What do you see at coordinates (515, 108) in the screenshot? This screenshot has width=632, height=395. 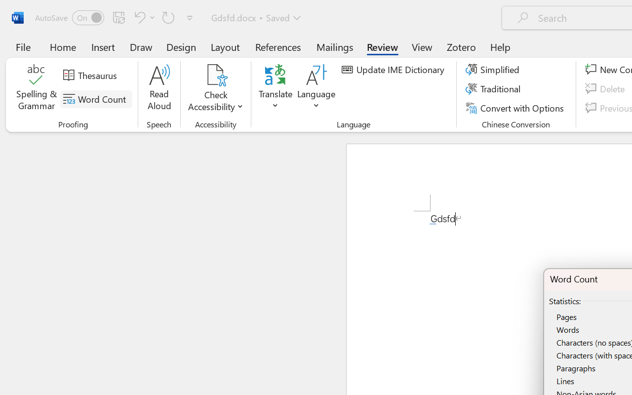 I see `'Convert with Options...'` at bounding box center [515, 108].